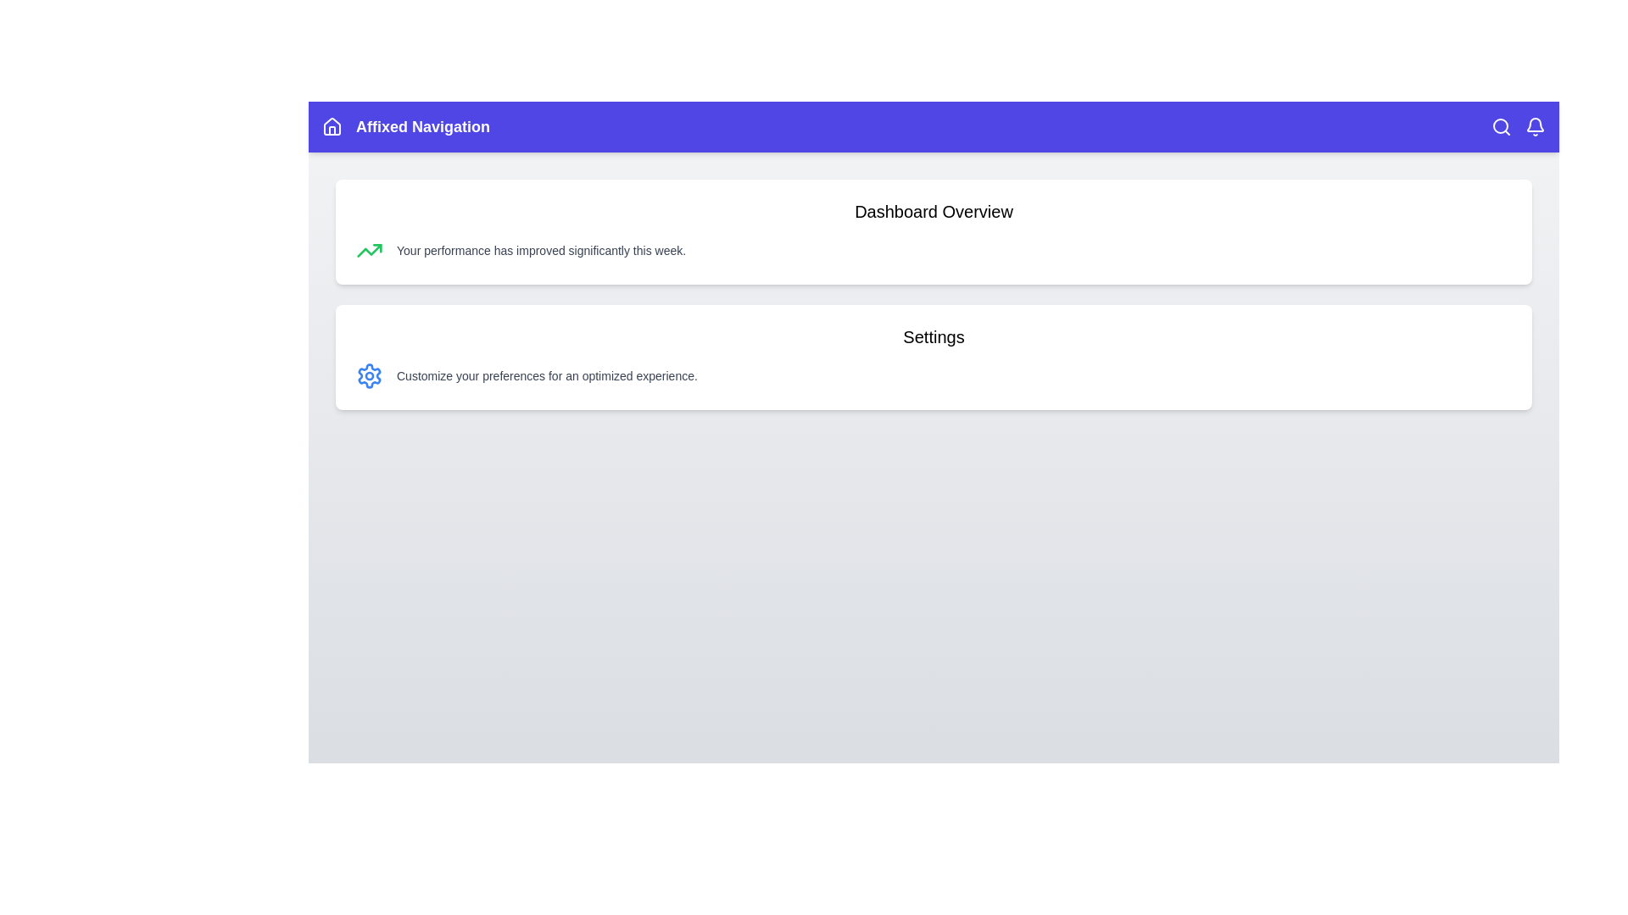 The height and width of the screenshot is (915, 1628). What do you see at coordinates (332, 125) in the screenshot?
I see `the visual representation of the 'Home' icon located in the blue navigation bar next to 'Affixed Navigation'` at bounding box center [332, 125].